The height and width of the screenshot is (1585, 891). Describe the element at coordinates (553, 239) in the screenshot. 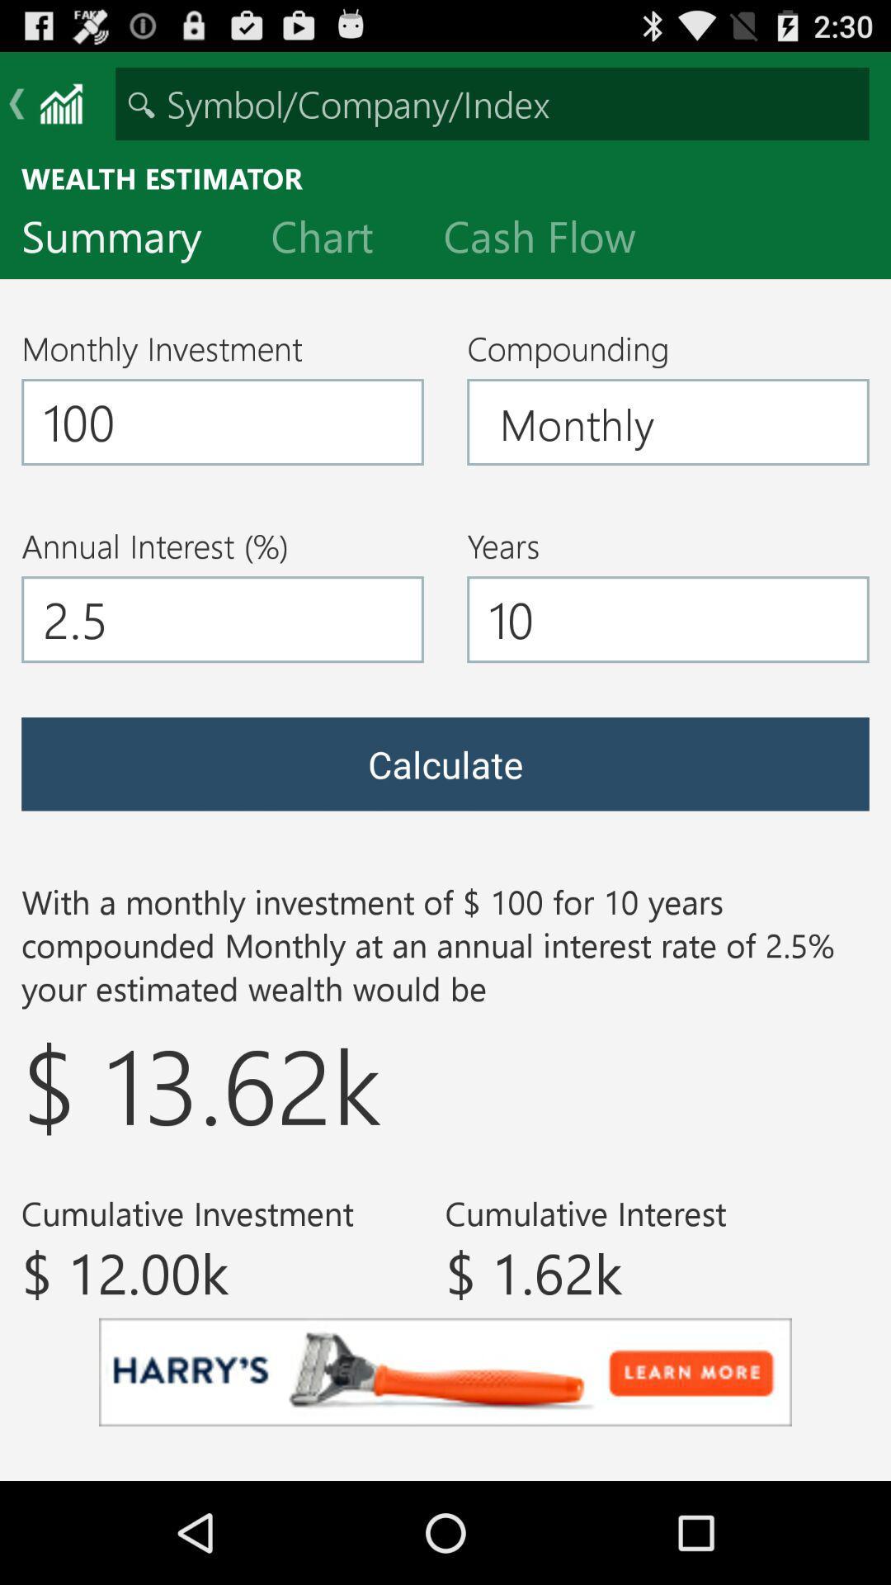

I see `the icon next to the chart item` at that location.